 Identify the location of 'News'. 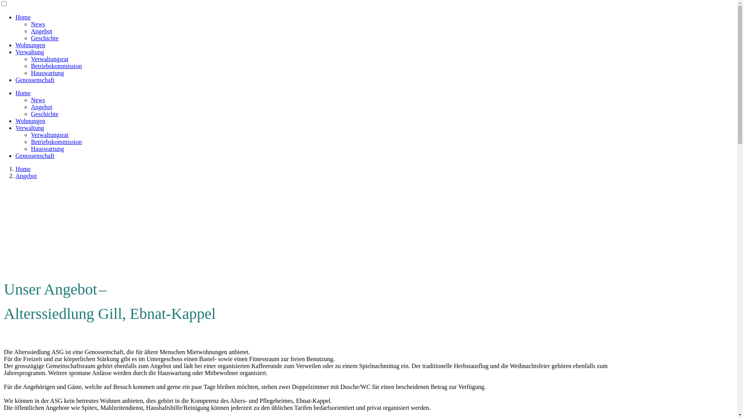
(37, 99).